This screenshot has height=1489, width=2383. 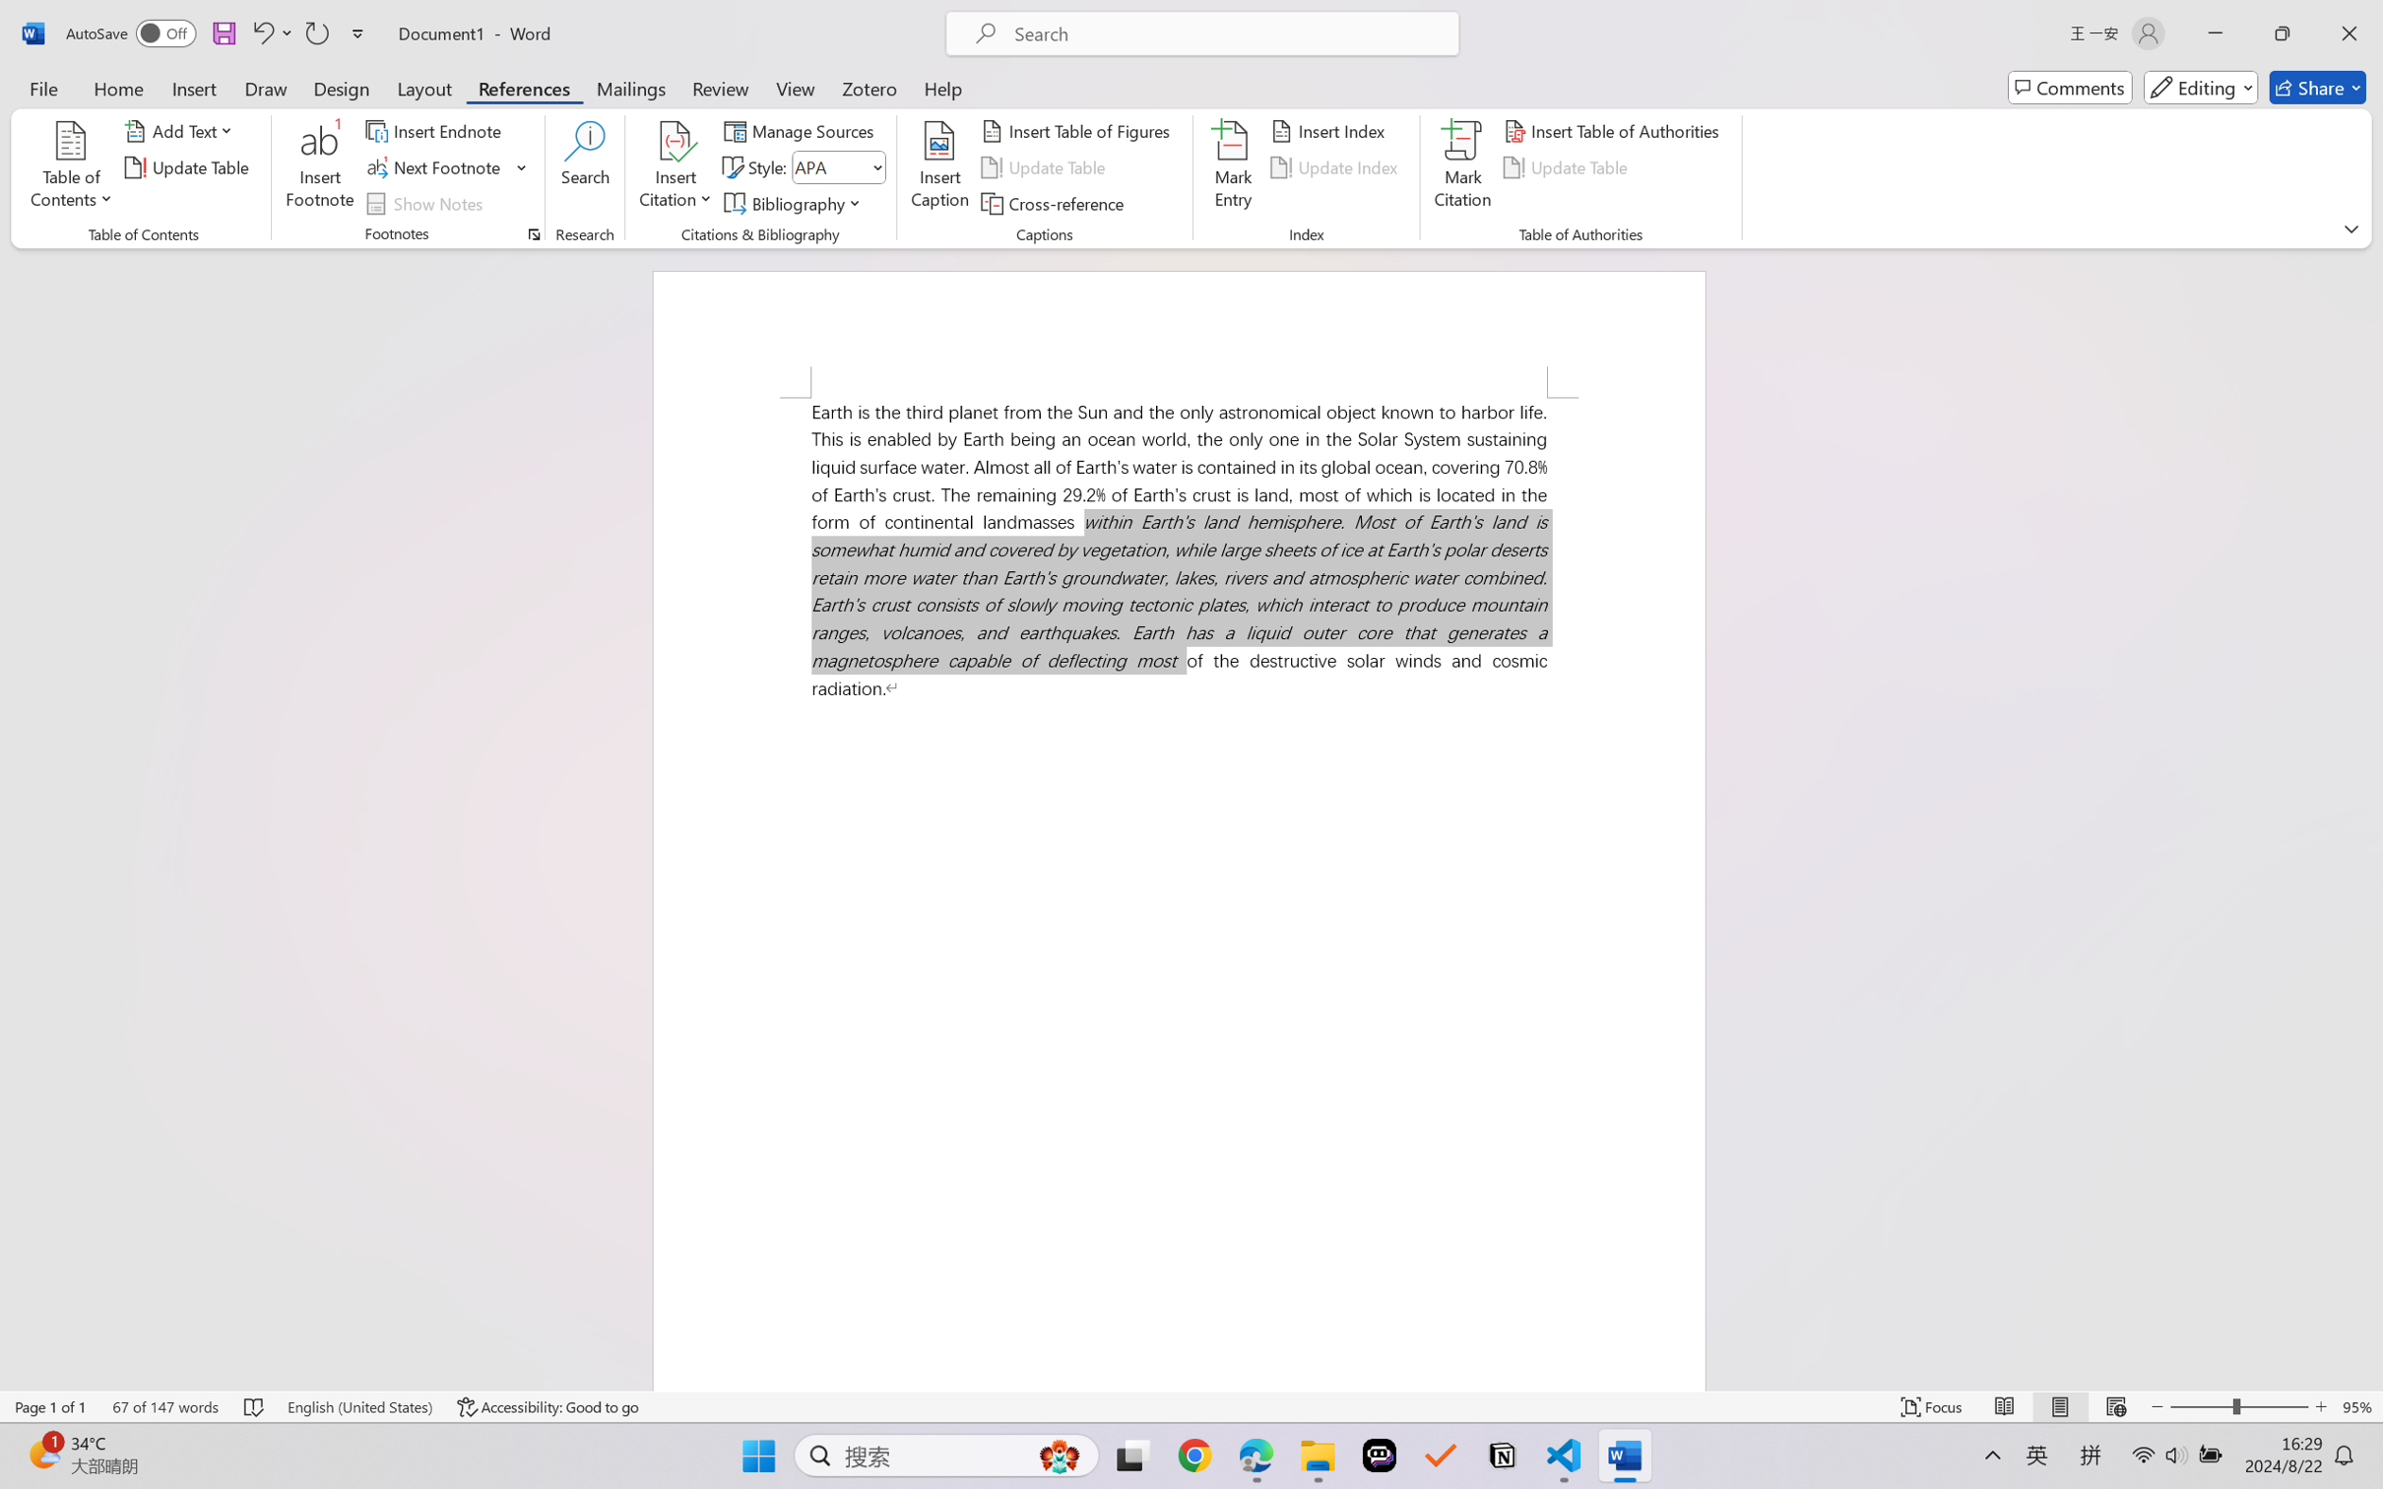 I want to click on 'Undo Italic', so click(x=261, y=32).